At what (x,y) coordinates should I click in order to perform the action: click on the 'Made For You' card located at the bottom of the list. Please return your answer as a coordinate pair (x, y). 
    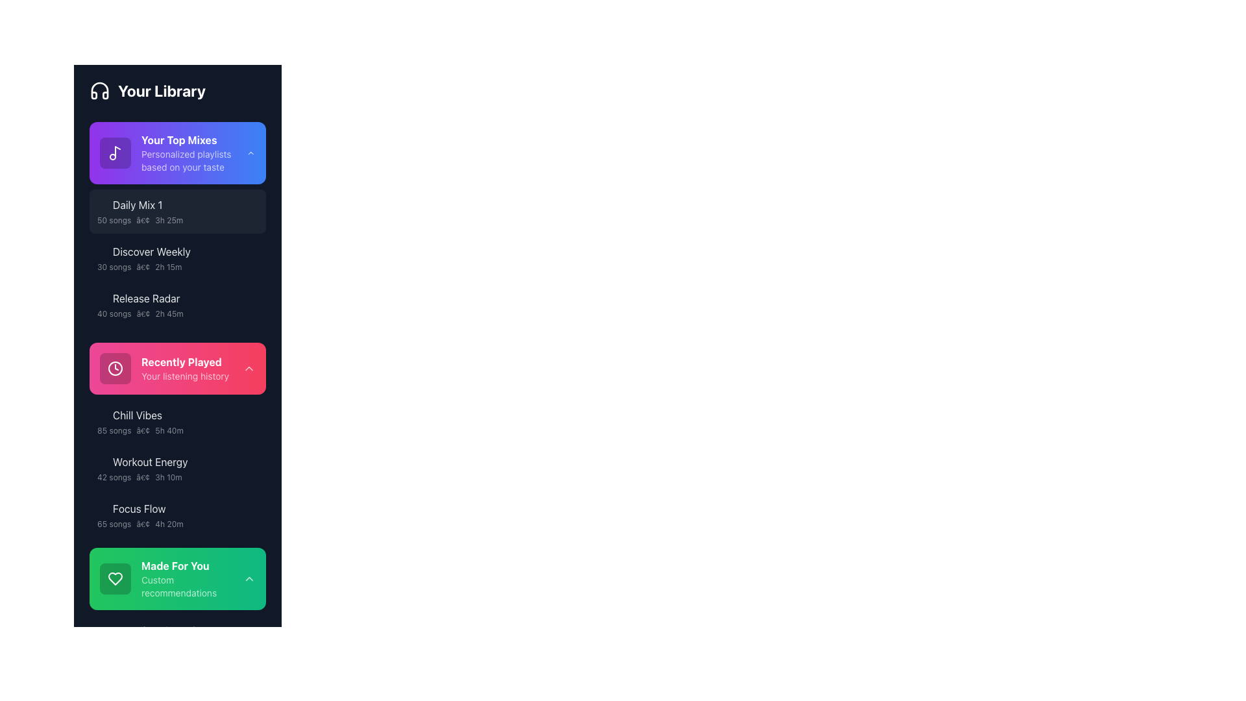
    Looking at the image, I should click on (177, 578).